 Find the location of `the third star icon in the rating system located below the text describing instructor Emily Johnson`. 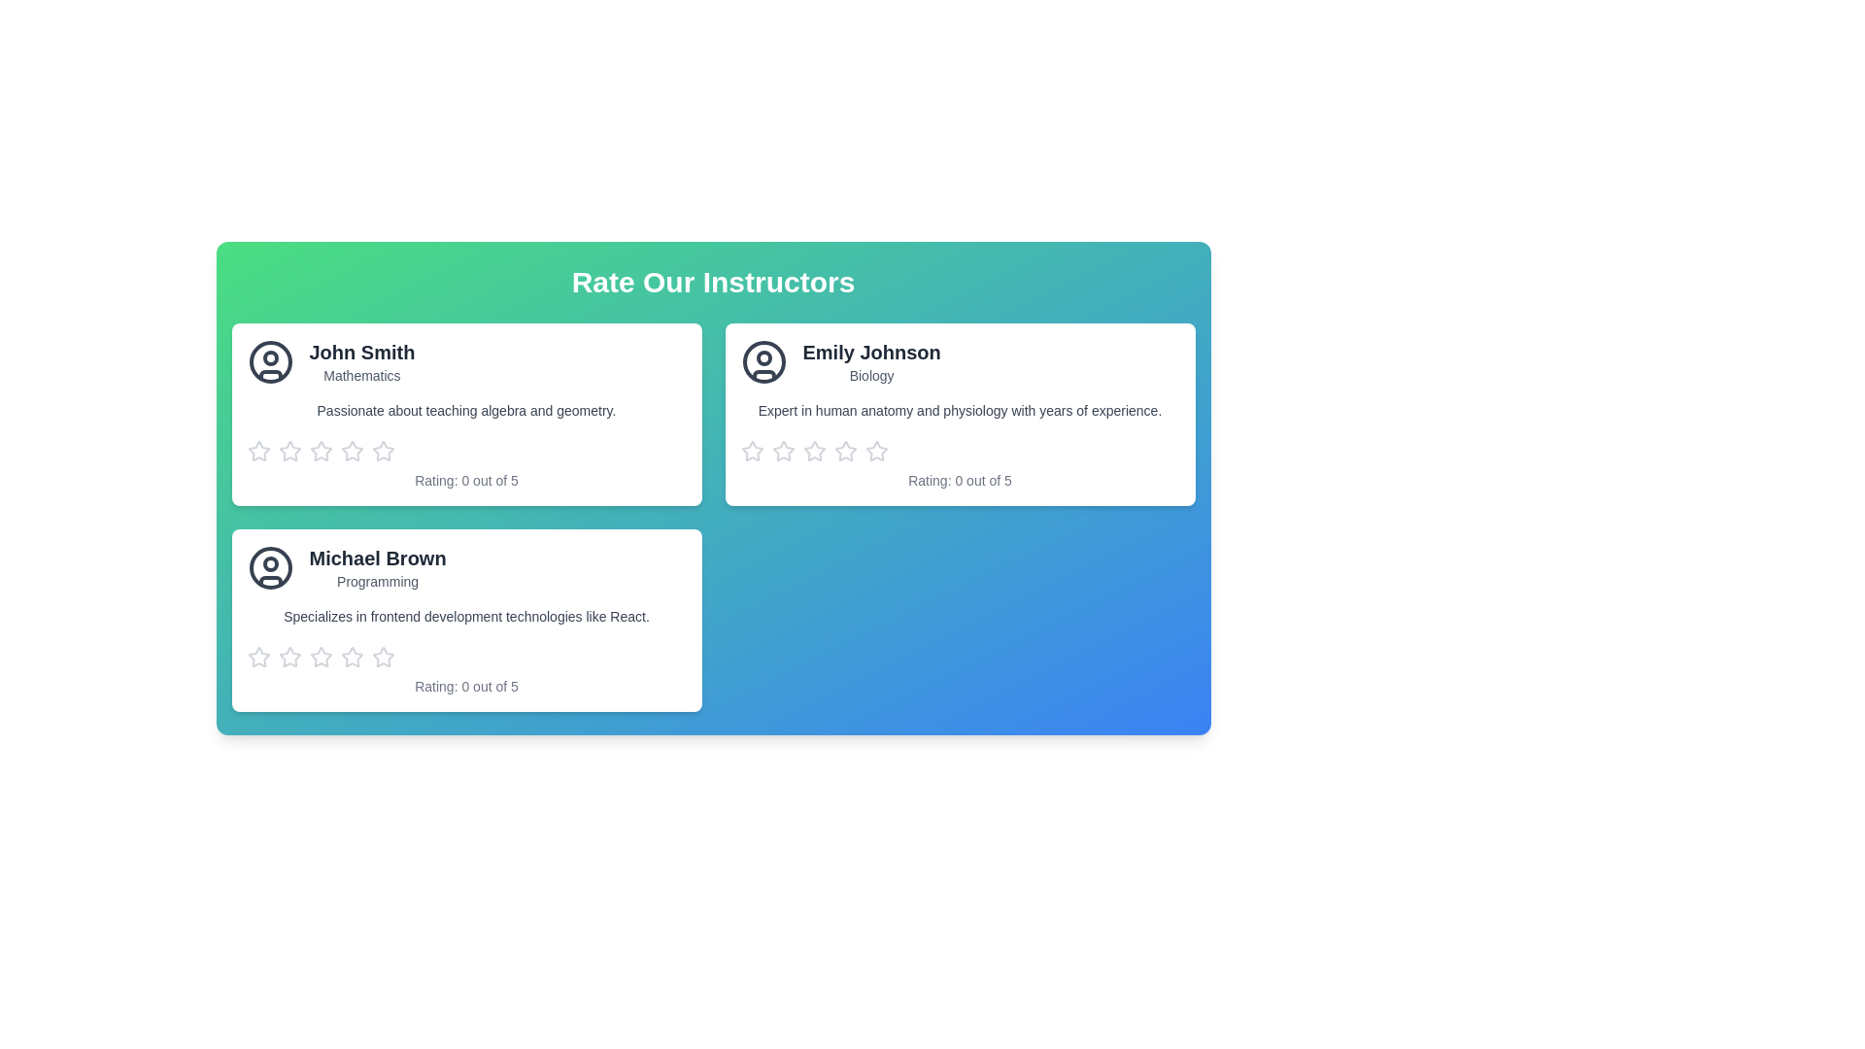

the third star icon in the rating system located below the text describing instructor Emily Johnson is located at coordinates (814, 452).